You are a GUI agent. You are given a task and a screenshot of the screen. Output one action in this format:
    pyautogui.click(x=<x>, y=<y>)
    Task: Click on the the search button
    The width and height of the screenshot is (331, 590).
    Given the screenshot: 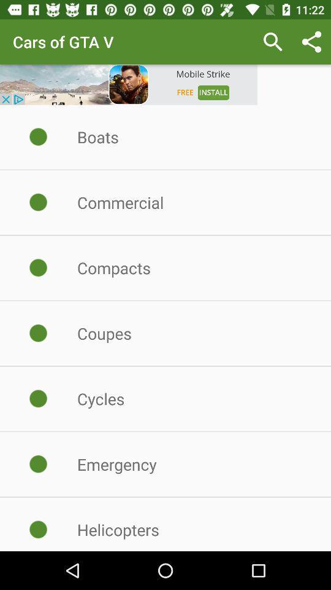 What is the action you would take?
    pyautogui.click(x=273, y=42)
    